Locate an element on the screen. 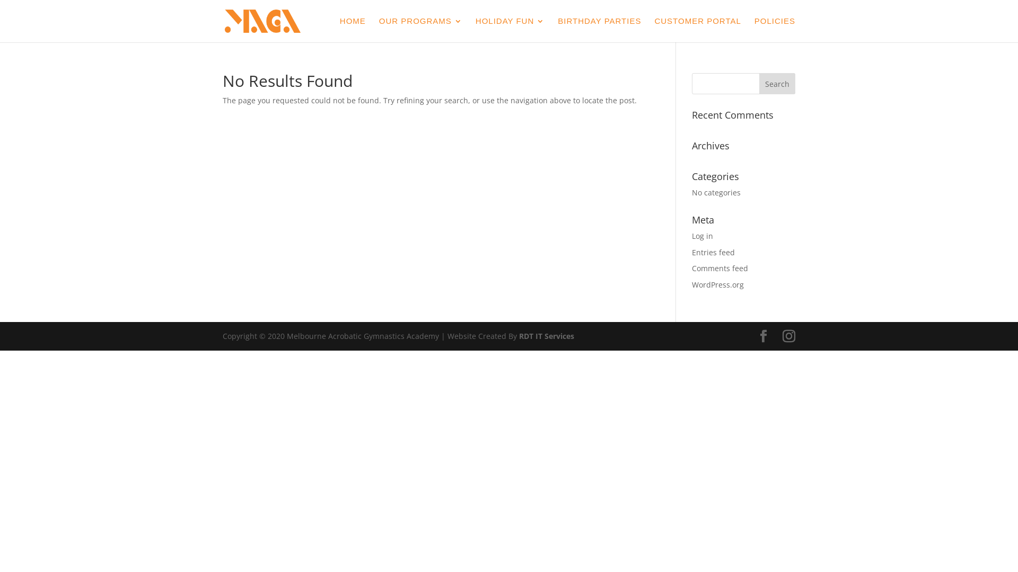 The height and width of the screenshot is (572, 1018). 'OUR PROGRAMS' is located at coordinates (420, 29).